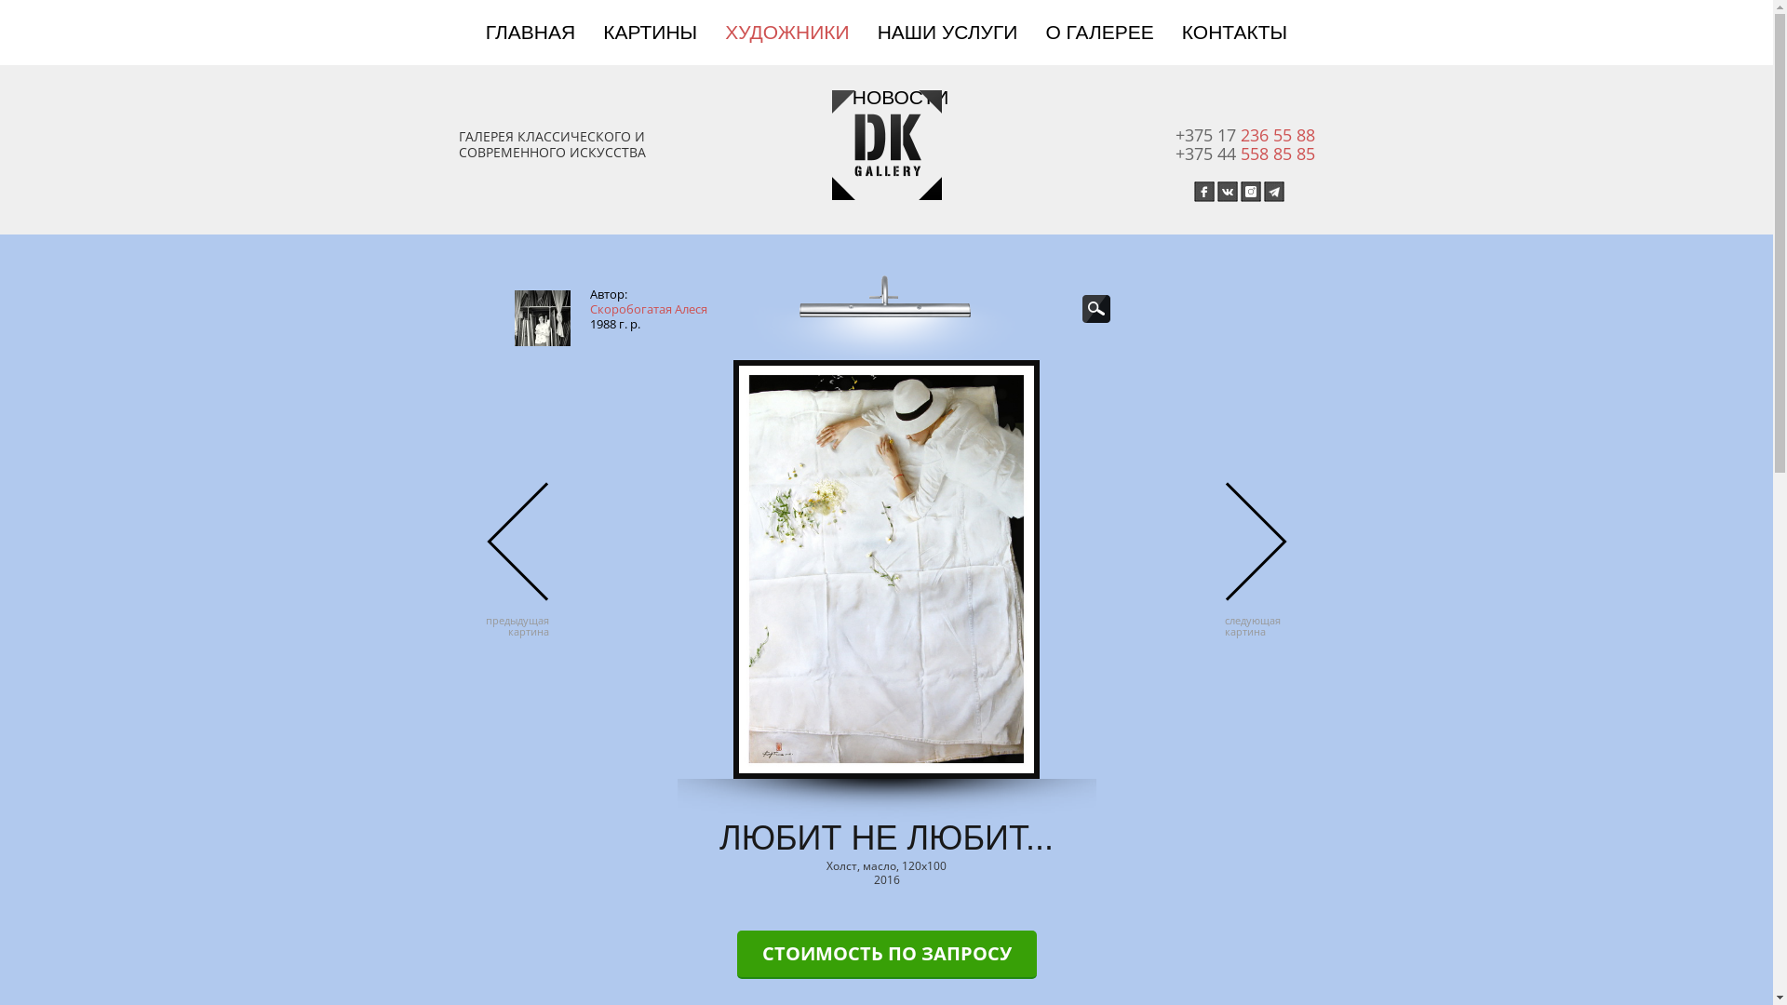  I want to click on '+375 44 558 85 85', so click(1244, 153).